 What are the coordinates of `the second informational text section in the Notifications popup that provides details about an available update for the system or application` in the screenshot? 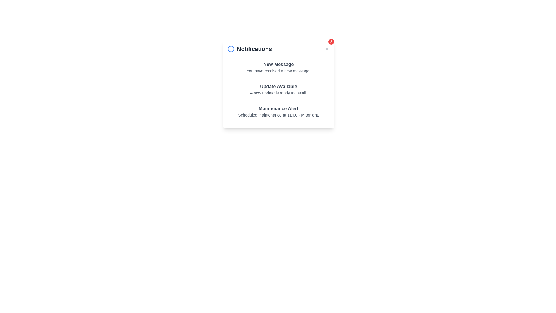 It's located at (278, 89).